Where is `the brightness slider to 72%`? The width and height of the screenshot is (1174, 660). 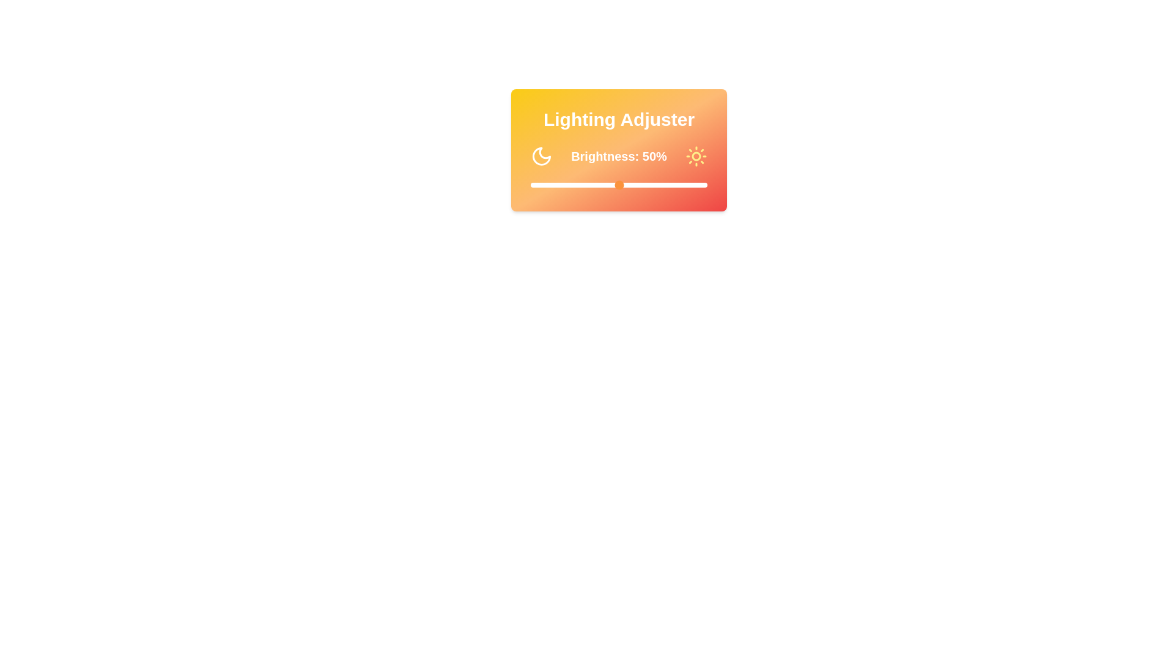 the brightness slider to 72% is located at coordinates (657, 185).